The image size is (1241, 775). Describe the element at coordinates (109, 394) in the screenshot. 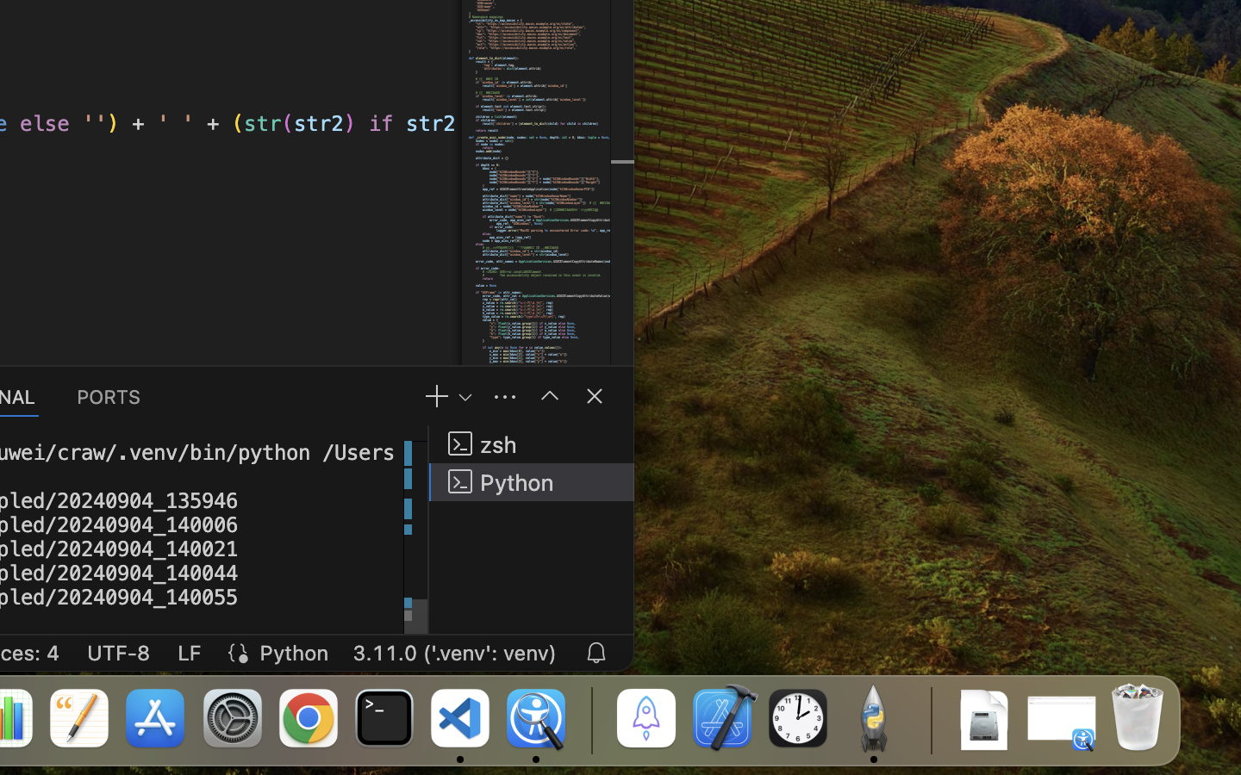

I see `'0 PORTS'` at that location.